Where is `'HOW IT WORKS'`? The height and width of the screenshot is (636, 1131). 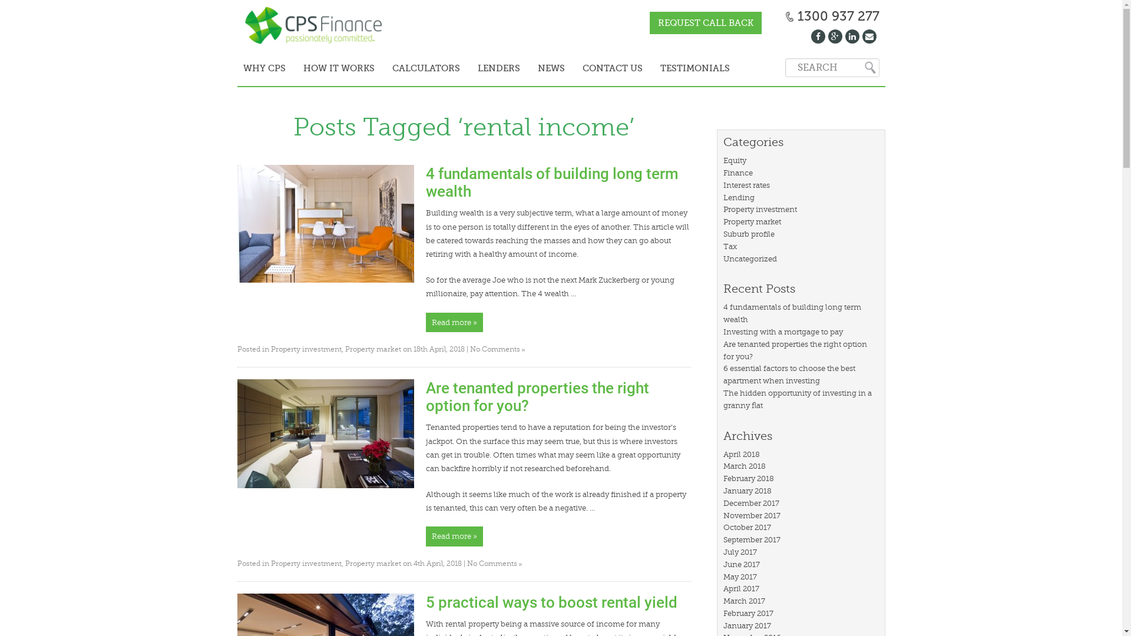 'HOW IT WORKS' is located at coordinates (294, 67).